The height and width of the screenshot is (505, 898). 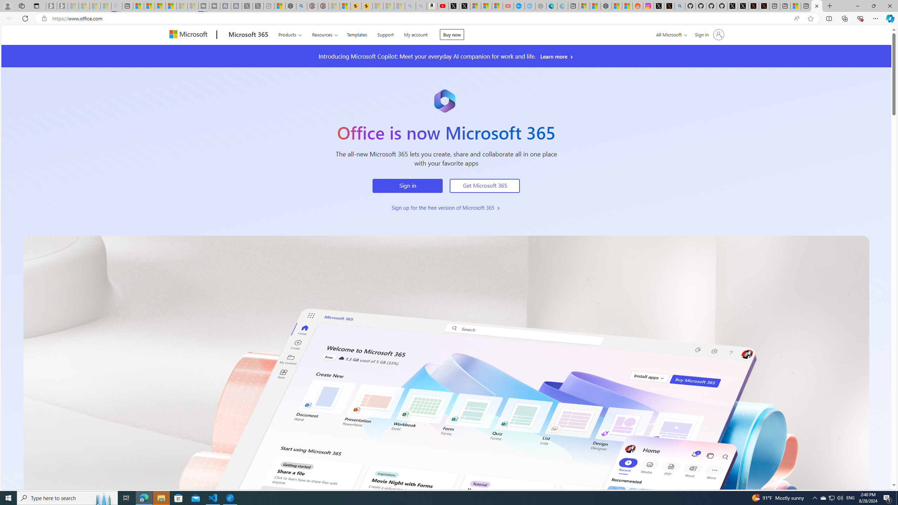 I want to click on 'Microsoft 365', so click(x=248, y=35).